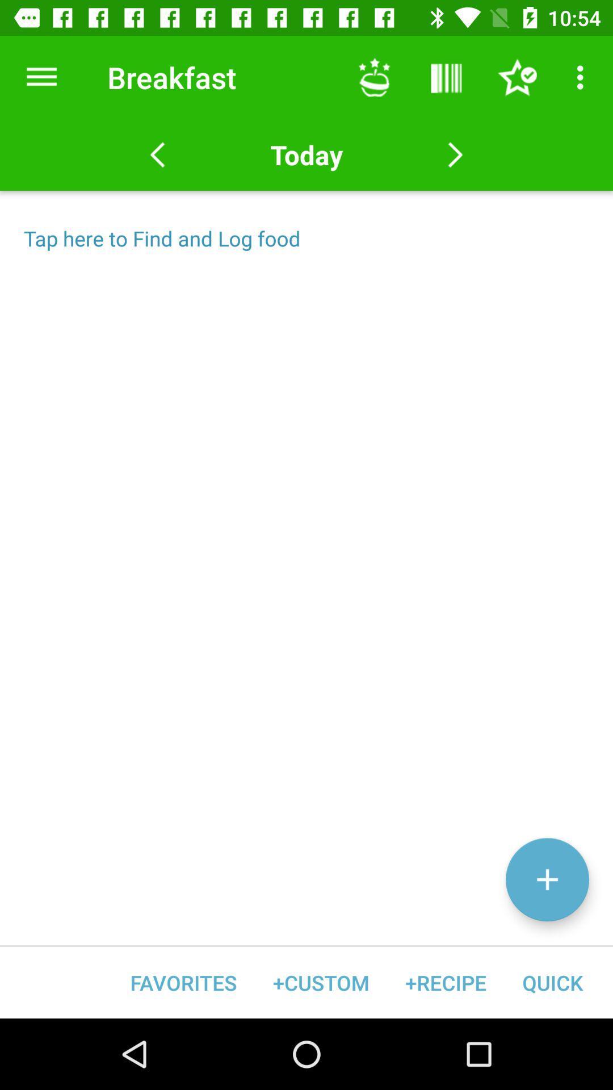  I want to click on food item, so click(547, 879).